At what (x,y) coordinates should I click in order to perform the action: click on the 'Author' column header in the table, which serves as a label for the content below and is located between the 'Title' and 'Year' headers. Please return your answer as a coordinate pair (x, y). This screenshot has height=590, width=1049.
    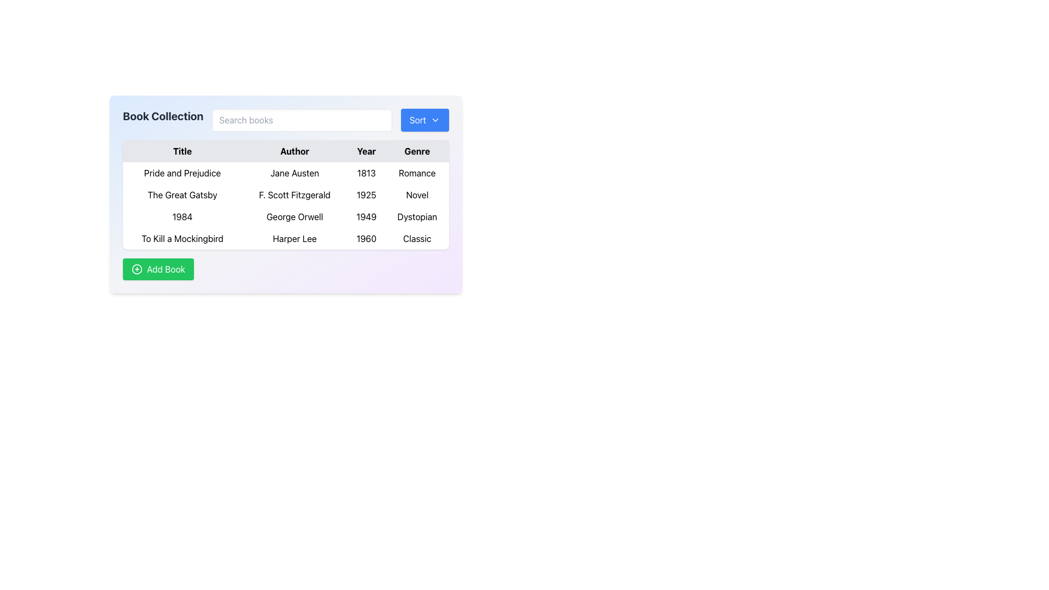
    Looking at the image, I should click on (294, 151).